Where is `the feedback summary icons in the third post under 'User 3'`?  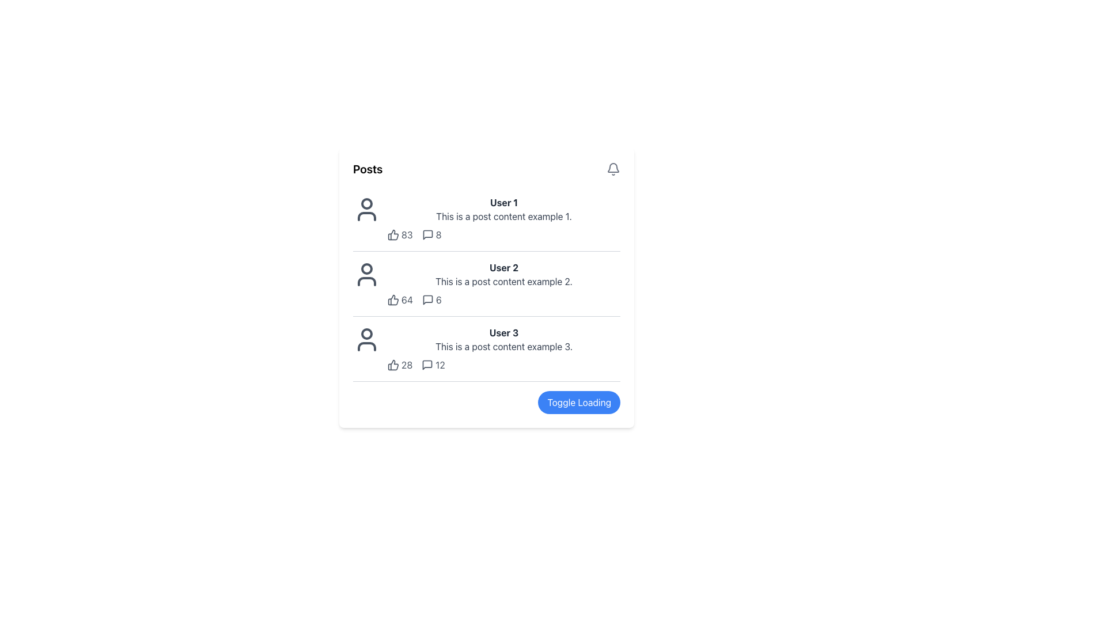 the feedback summary icons in the third post under 'User 3' is located at coordinates (503, 365).